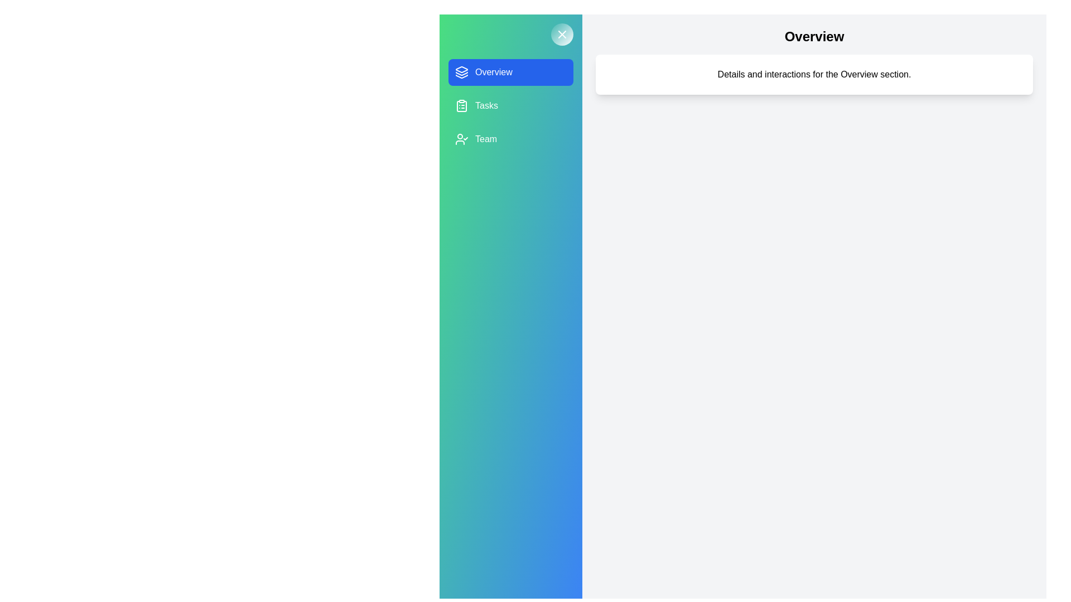  What do you see at coordinates (510, 105) in the screenshot?
I see `the project Tasks from the list` at bounding box center [510, 105].